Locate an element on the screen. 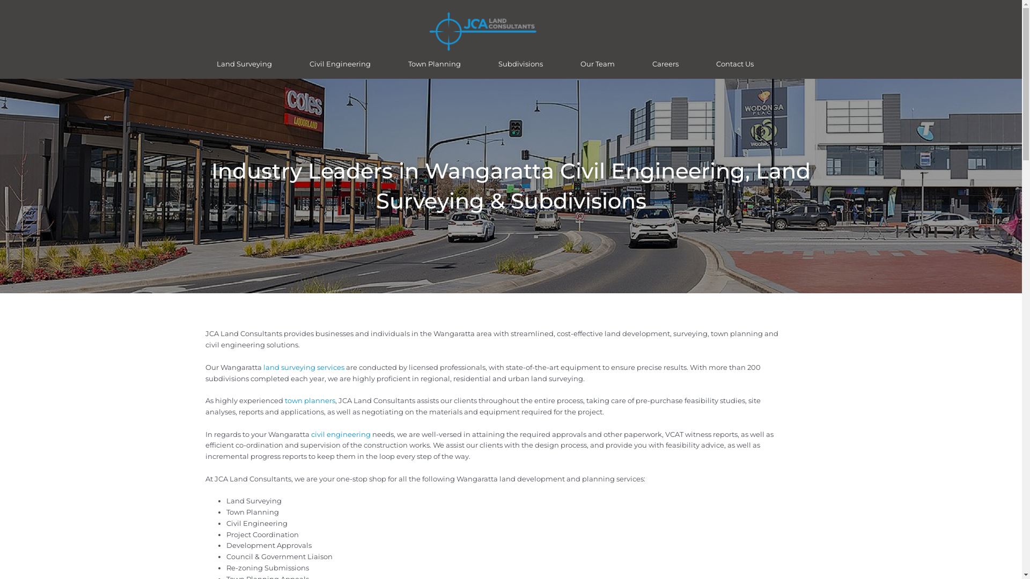 The image size is (1030, 579). 'Careers' is located at coordinates (665, 64).